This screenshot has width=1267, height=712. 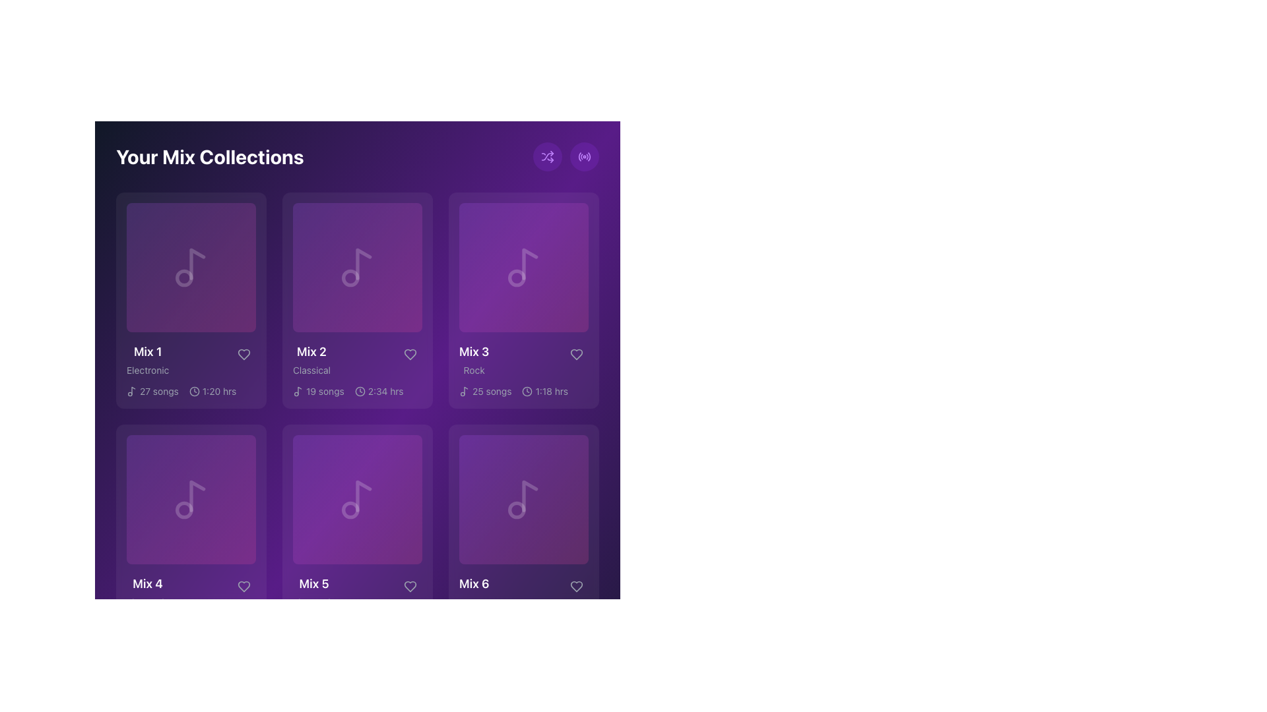 What do you see at coordinates (190, 391) in the screenshot?
I see `textual information displayed in the Descriptive metadata display located at the bottom section of the 'Mix 1' card, directly below the 'Electronic' text` at bounding box center [190, 391].